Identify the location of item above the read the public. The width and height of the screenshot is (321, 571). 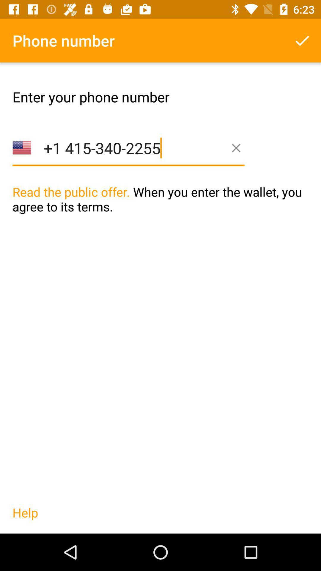
(128, 157).